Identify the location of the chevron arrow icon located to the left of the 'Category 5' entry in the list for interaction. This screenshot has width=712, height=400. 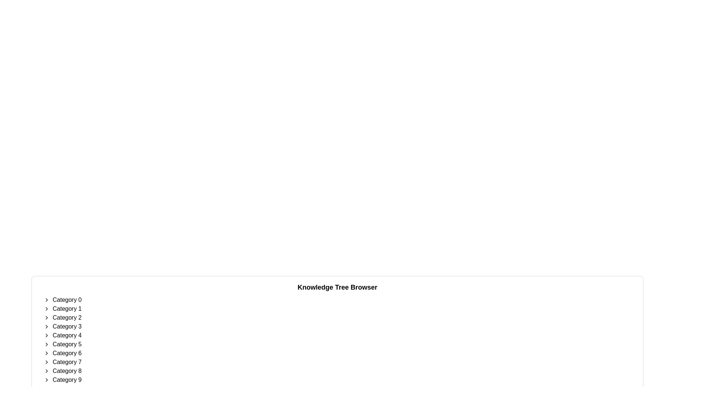
(46, 344).